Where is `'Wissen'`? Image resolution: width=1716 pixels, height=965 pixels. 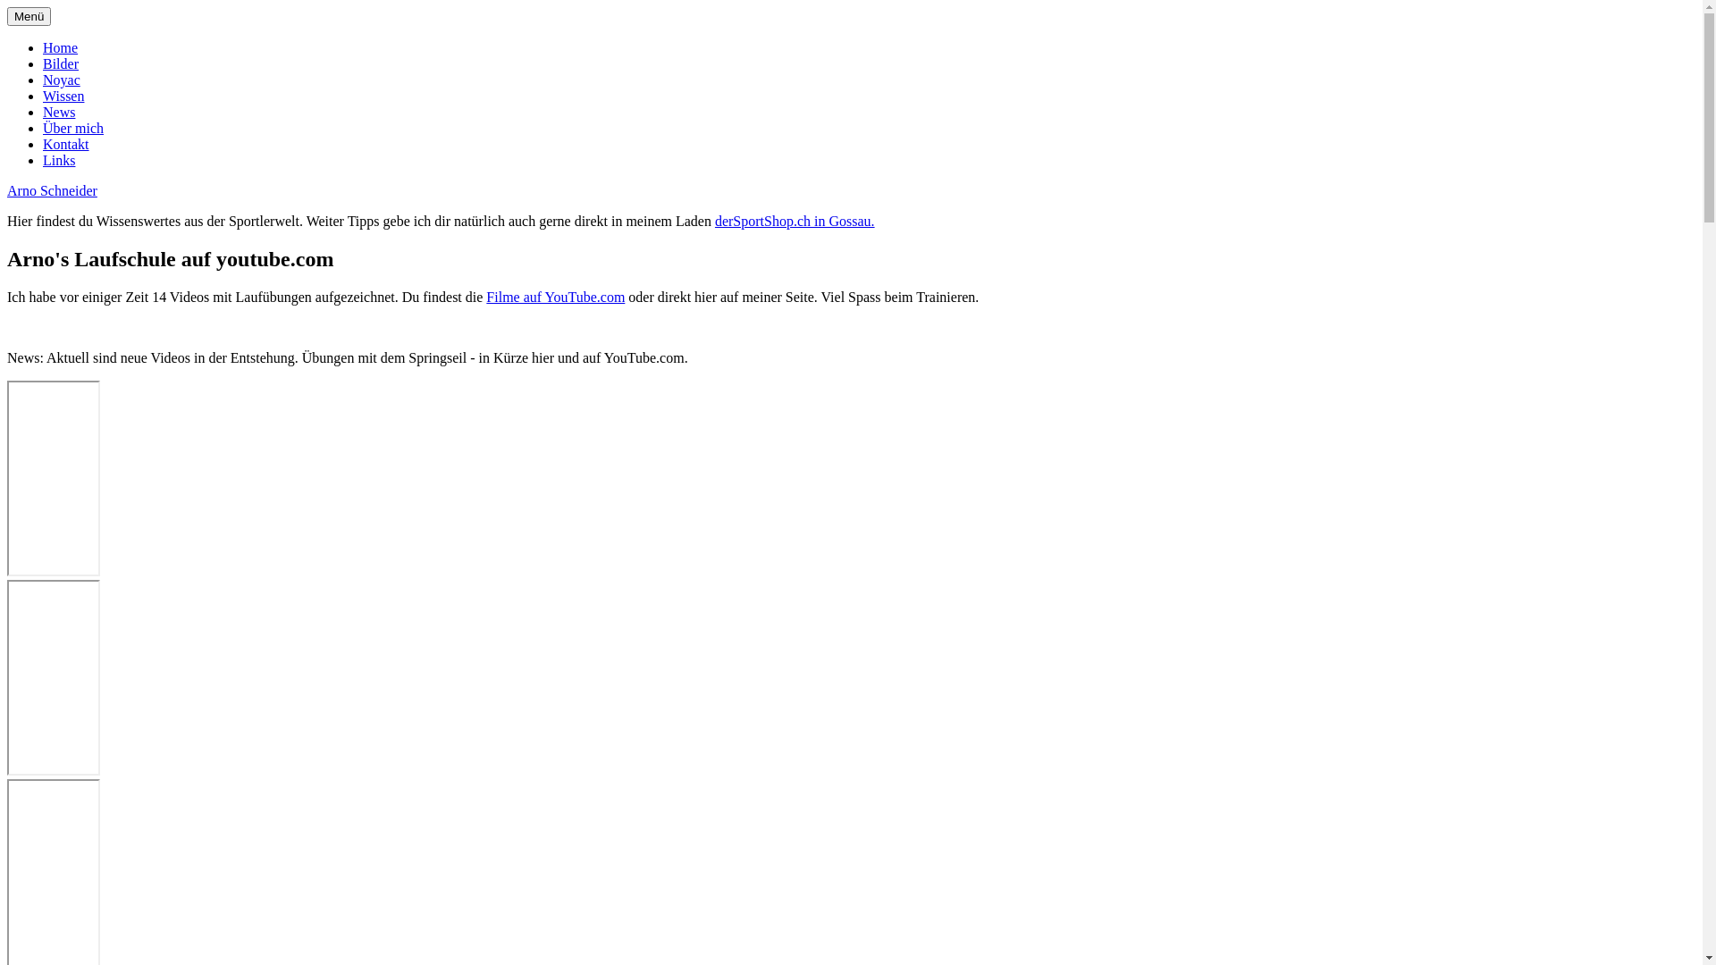
'Wissen' is located at coordinates (63, 96).